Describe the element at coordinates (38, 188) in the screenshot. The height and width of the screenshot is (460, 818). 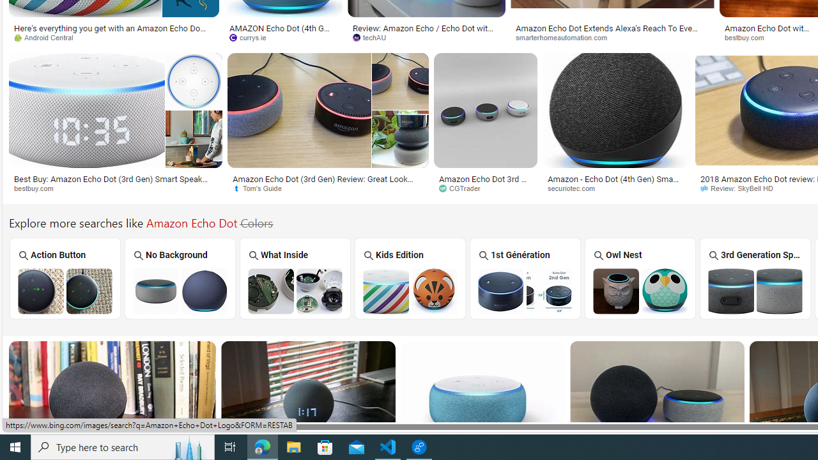
I see `'bestbuy.com'` at that location.